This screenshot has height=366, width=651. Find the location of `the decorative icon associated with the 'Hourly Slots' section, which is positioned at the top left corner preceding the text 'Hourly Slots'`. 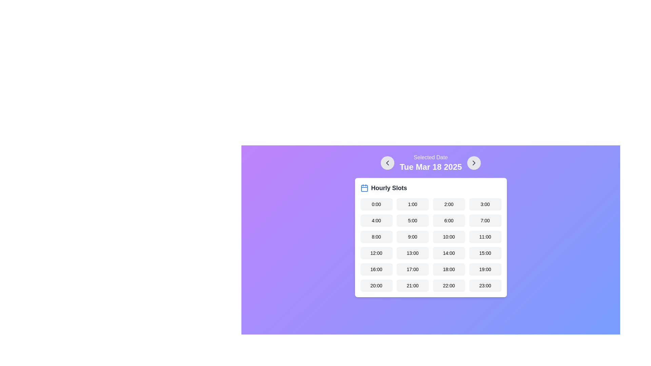

the decorative icon associated with the 'Hourly Slots' section, which is positioned at the top left corner preceding the text 'Hourly Slots' is located at coordinates (364, 188).